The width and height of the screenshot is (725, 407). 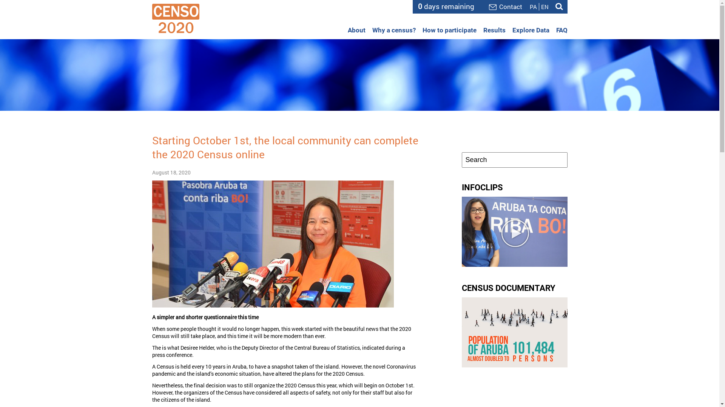 What do you see at coordinates (505, 6) in the screenshot?
I see `'Contact'` at bounding box center [505, 6].